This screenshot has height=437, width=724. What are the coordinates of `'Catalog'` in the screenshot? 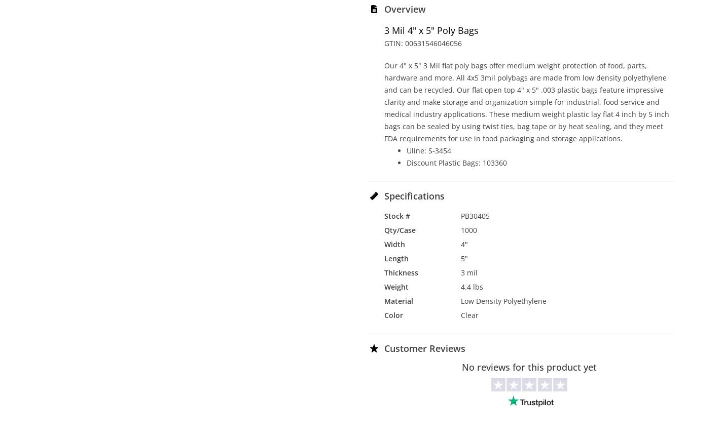 It's located at (583, 422).